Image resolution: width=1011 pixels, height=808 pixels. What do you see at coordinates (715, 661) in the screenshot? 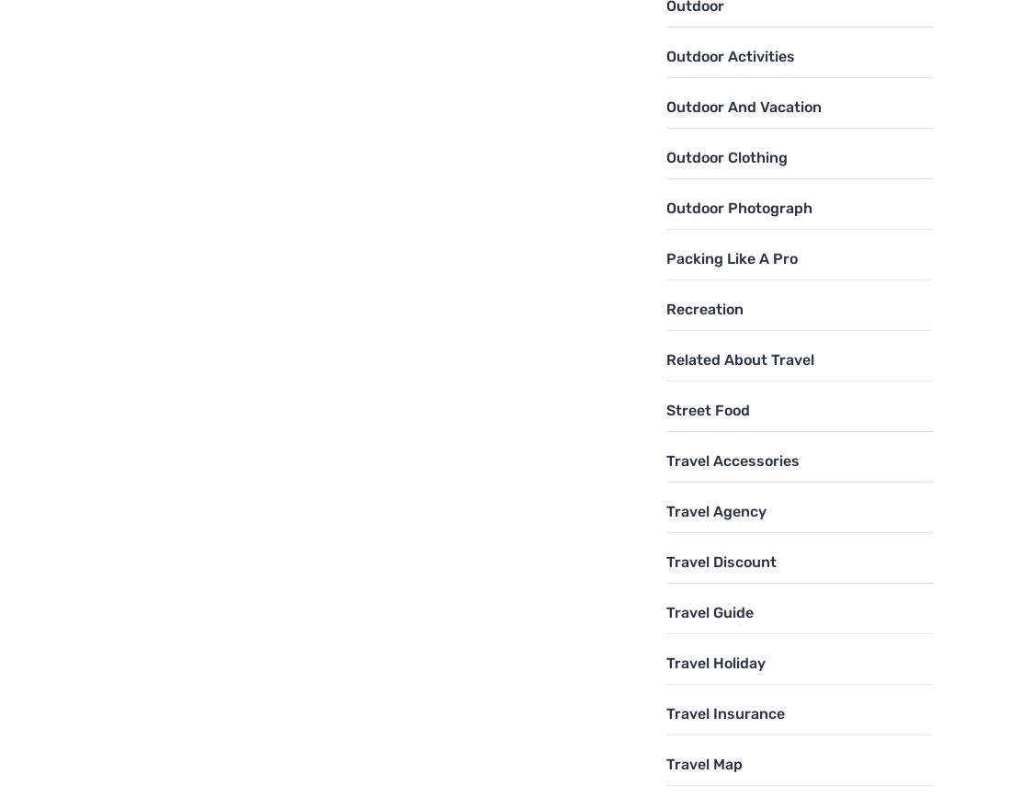
I see `'Travel Holiday'` at bounding box center [715, 661].